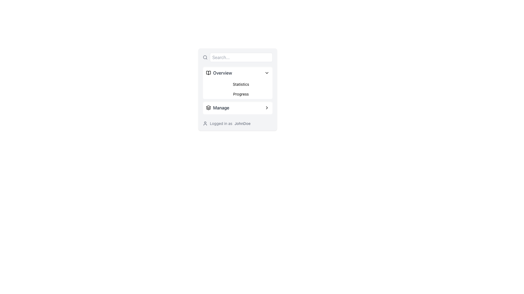 This screenshot has height=294, width=524. I want to click on the rightward-facing chevron icon located at the far right of the 'Manage' row in the vertical navigation panel, so click(267, 108).